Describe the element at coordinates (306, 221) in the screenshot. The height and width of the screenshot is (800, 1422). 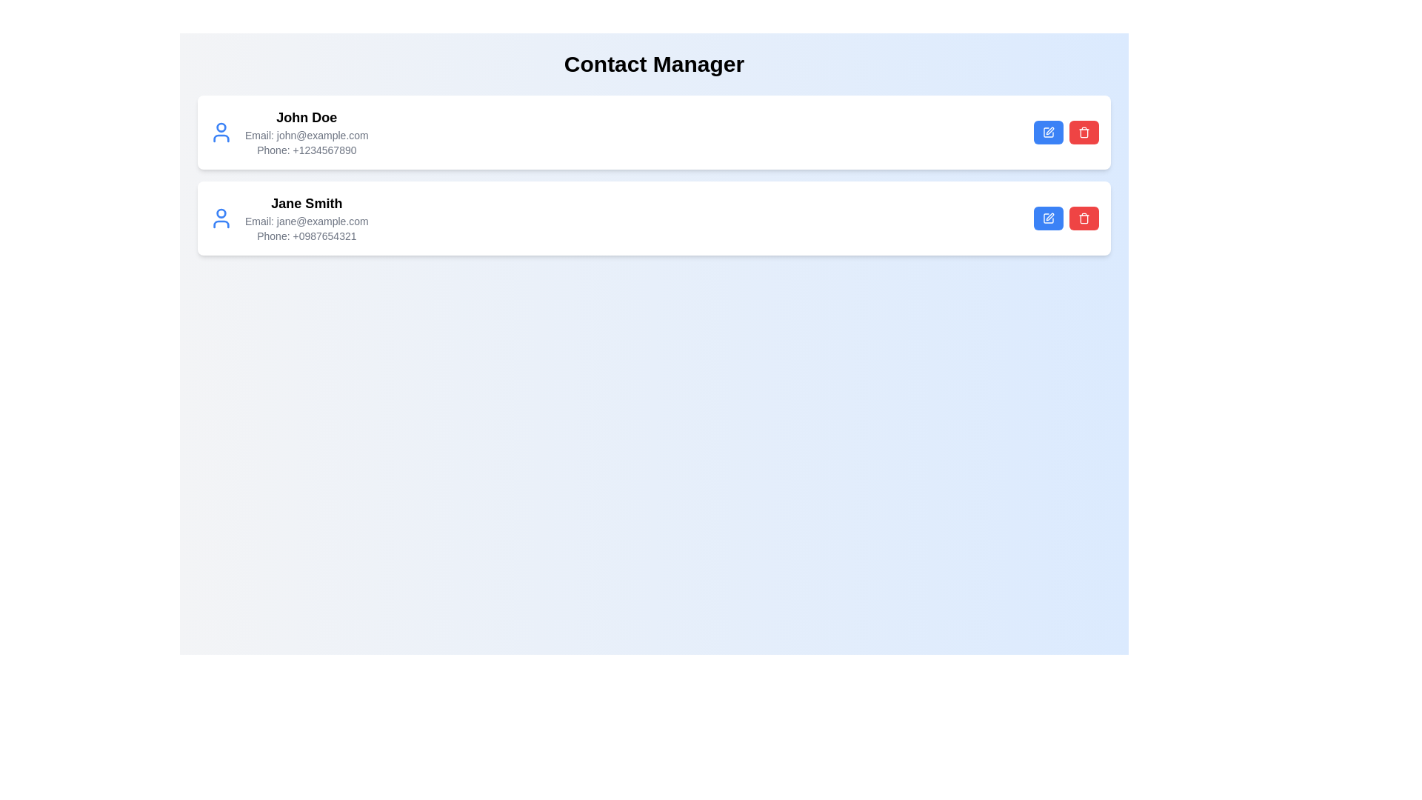
I see `the text label displaying 'Email: jane@example.com', which is styled in a small gray font and is positioned below 'Jane Smith' and above 'Phone: +0987654321'` at that location.